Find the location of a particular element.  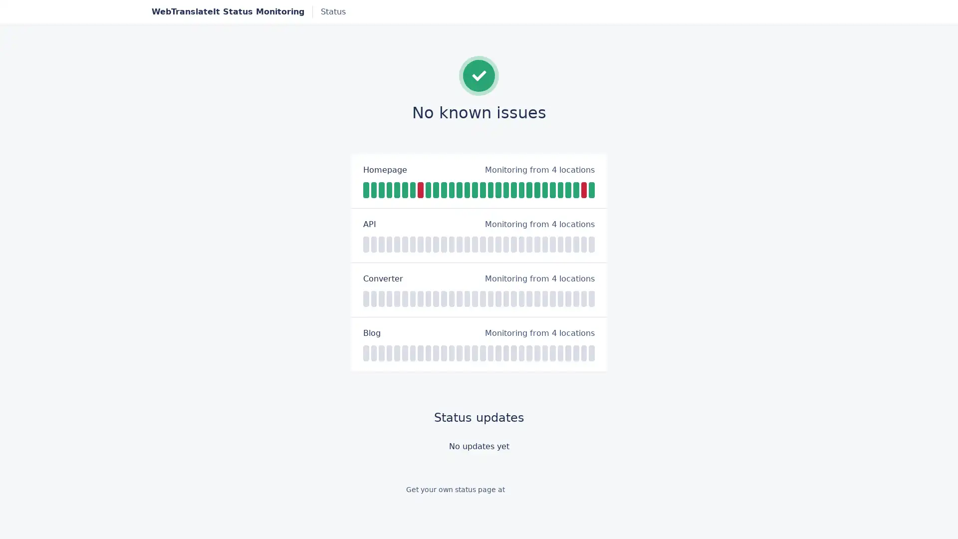

Blog is located at coordinates (371, 333).